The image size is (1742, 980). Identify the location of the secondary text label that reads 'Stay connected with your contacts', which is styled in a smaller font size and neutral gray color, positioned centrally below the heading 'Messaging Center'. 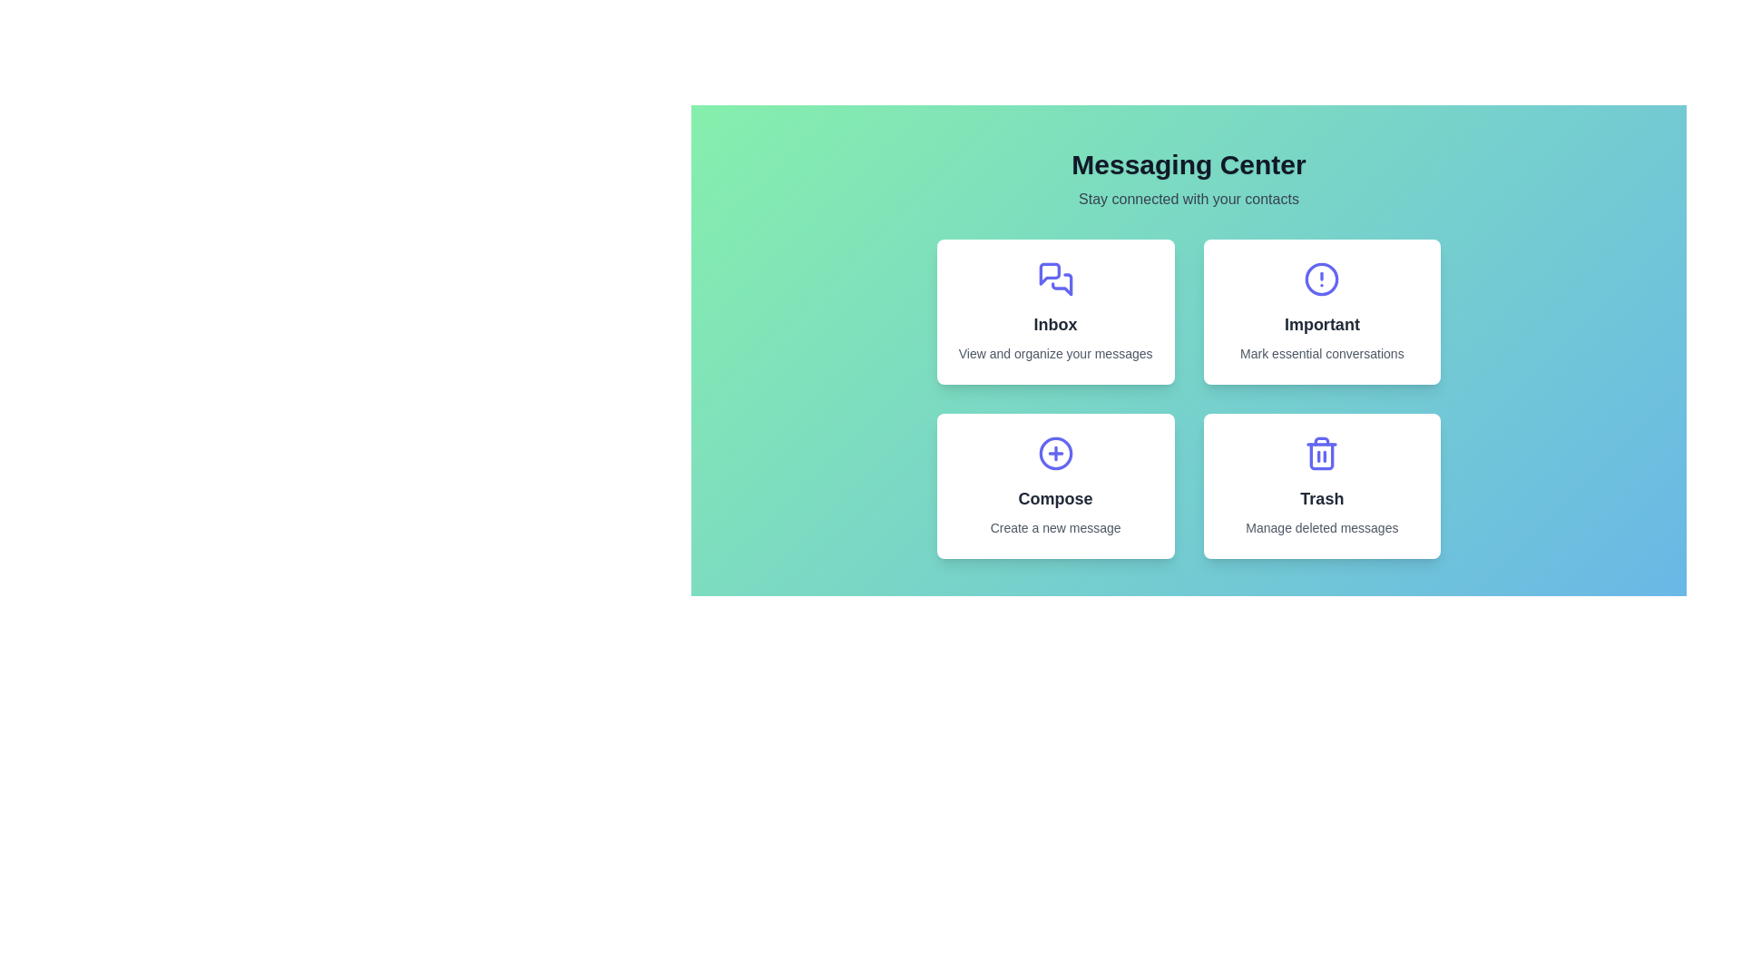
(1189, 199).